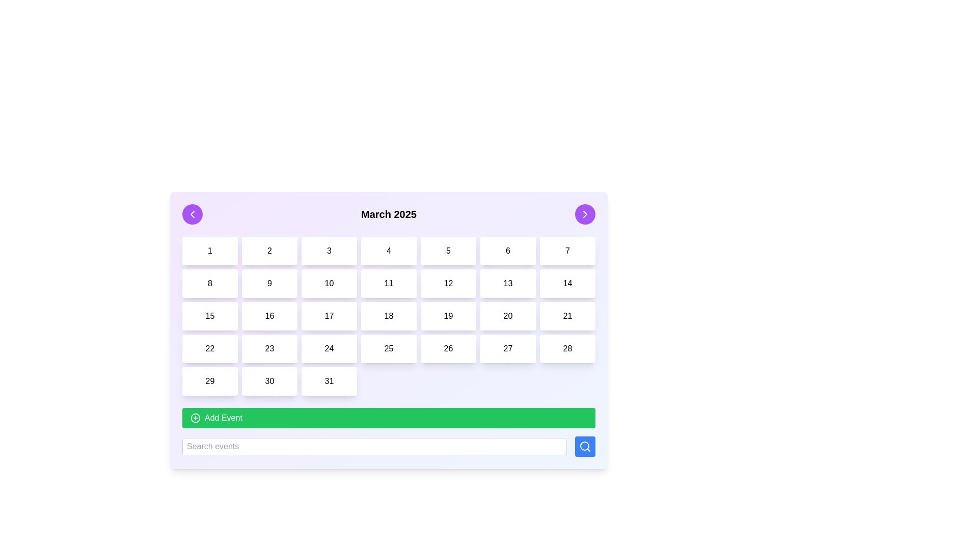 This screenshot has height=550, width=978. I want to click on the selectable day labeled '15' in the calendar grid, so click(209, 316).